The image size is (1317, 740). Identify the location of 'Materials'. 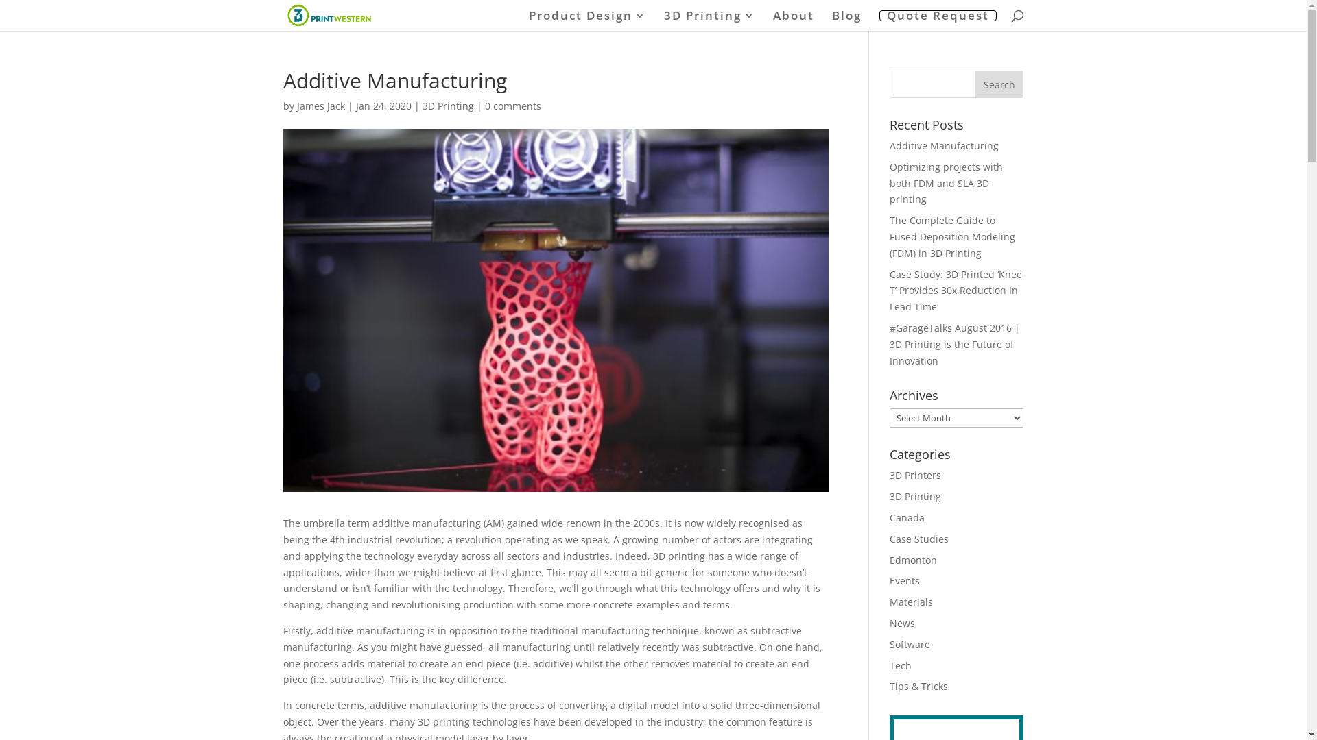
(911, 601).